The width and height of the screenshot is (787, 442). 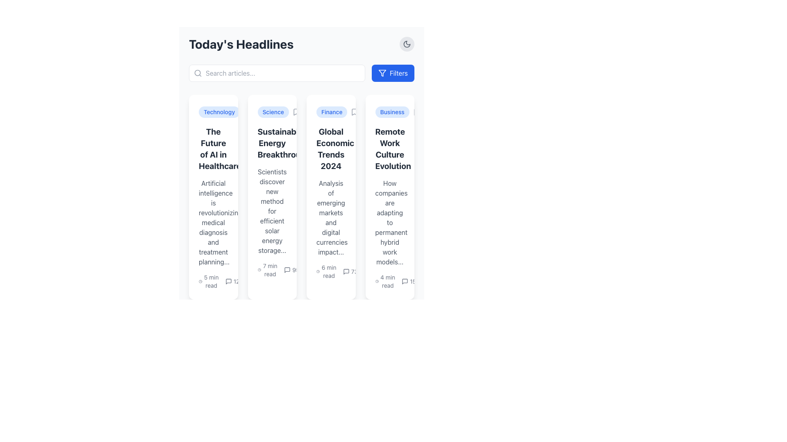 I want to click on the text element displaying a numeric value indicating likes, located to the right of the thumbs-up icon in the bottom section of the vertical card layout, so click(x=334, y=270).